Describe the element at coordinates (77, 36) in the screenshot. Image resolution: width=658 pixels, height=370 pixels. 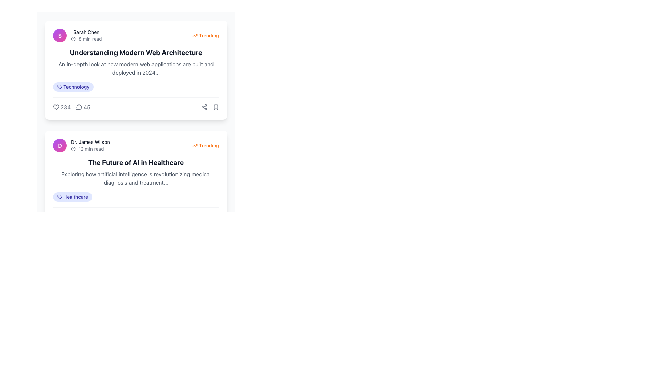
I see `the Profile Summary Component featuring a circular profile picture with a purple gradient background, the name 'Sarah Chen' in bold black text, and the descriptor '8 min read' in gray, located at the top-left corner of a card` at that location.